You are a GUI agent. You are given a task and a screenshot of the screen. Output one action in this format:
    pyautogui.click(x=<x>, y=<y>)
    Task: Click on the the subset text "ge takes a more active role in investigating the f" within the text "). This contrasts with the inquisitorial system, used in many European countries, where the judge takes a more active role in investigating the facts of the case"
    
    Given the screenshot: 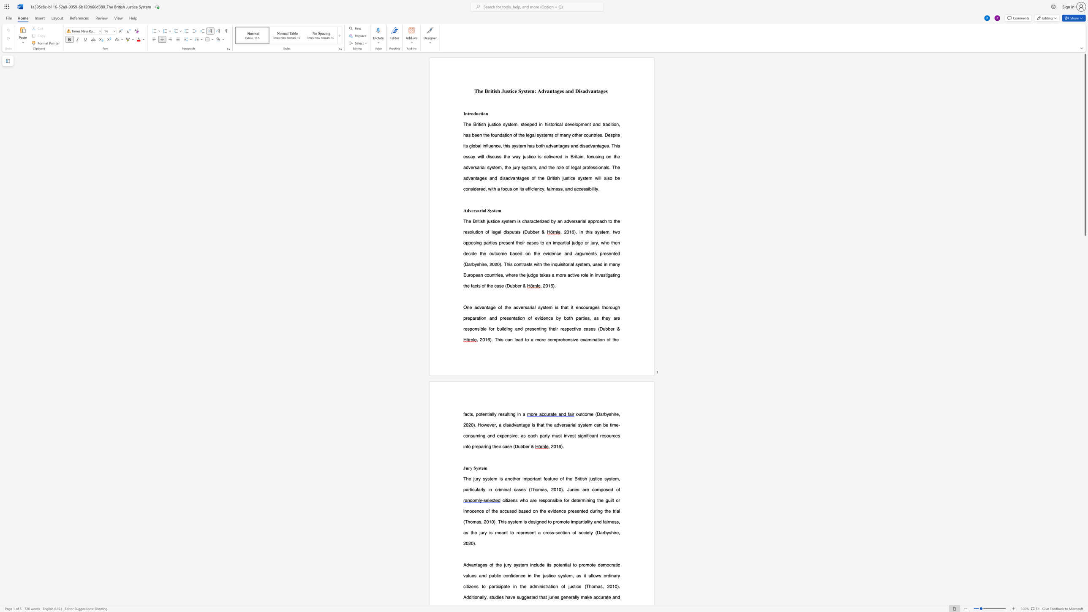 What is the action you would take?
    pyautogui.click(x=533, y=274)
    